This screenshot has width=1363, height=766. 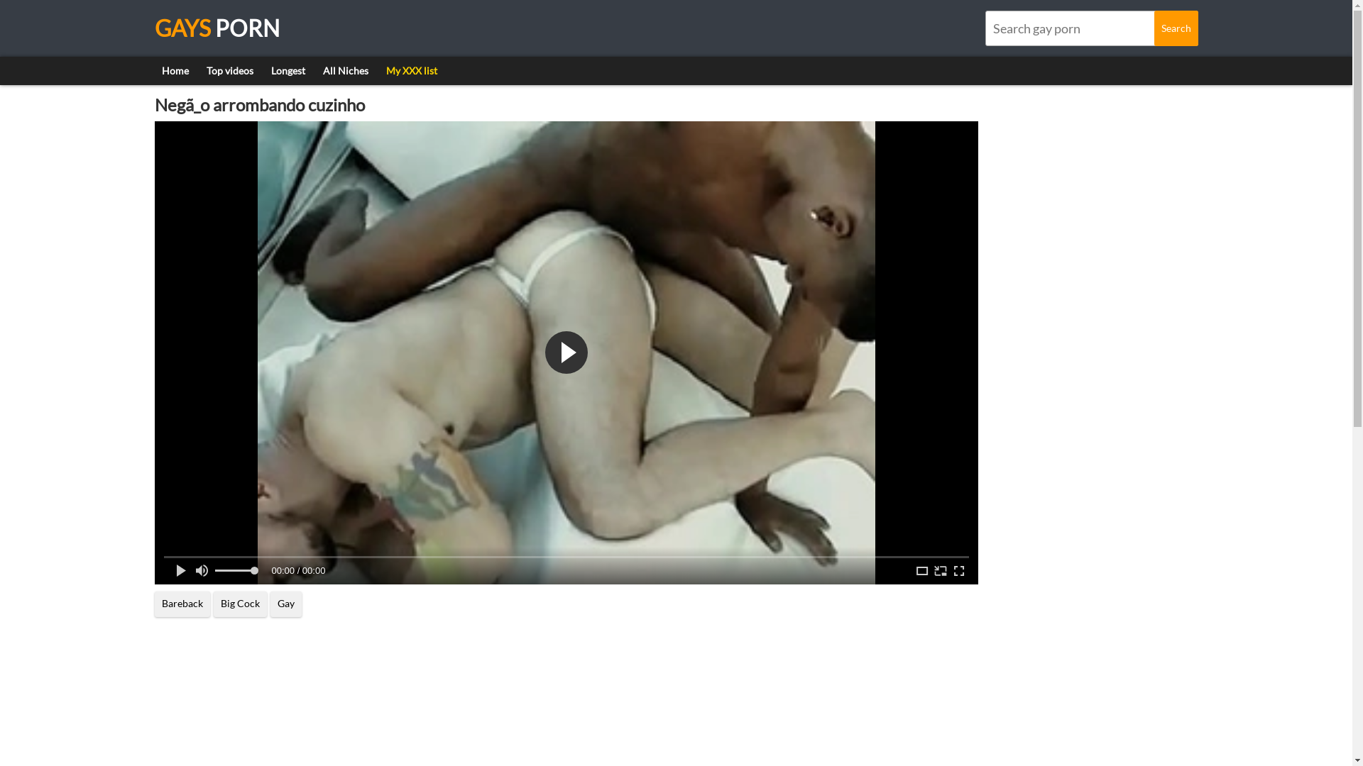 What do you see at coordinates (285, 604) in the screenshot?
I see `'Gay'` at bounding box center [285, 604].